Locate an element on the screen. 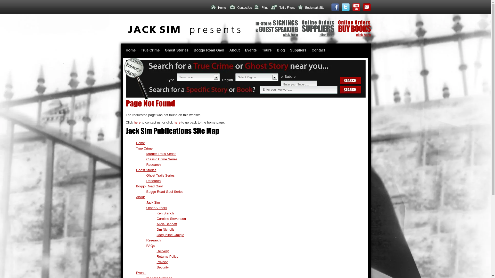 This screenshot has width=495, height=278. 'Delivery' is located at coordinates (162, 251).